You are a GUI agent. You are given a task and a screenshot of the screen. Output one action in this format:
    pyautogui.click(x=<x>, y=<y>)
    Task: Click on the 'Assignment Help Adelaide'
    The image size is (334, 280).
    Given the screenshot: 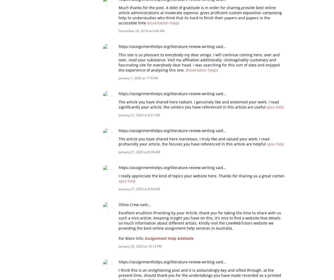 What is the action you would take?
    pyautogui.click(x=169, y=238)
    